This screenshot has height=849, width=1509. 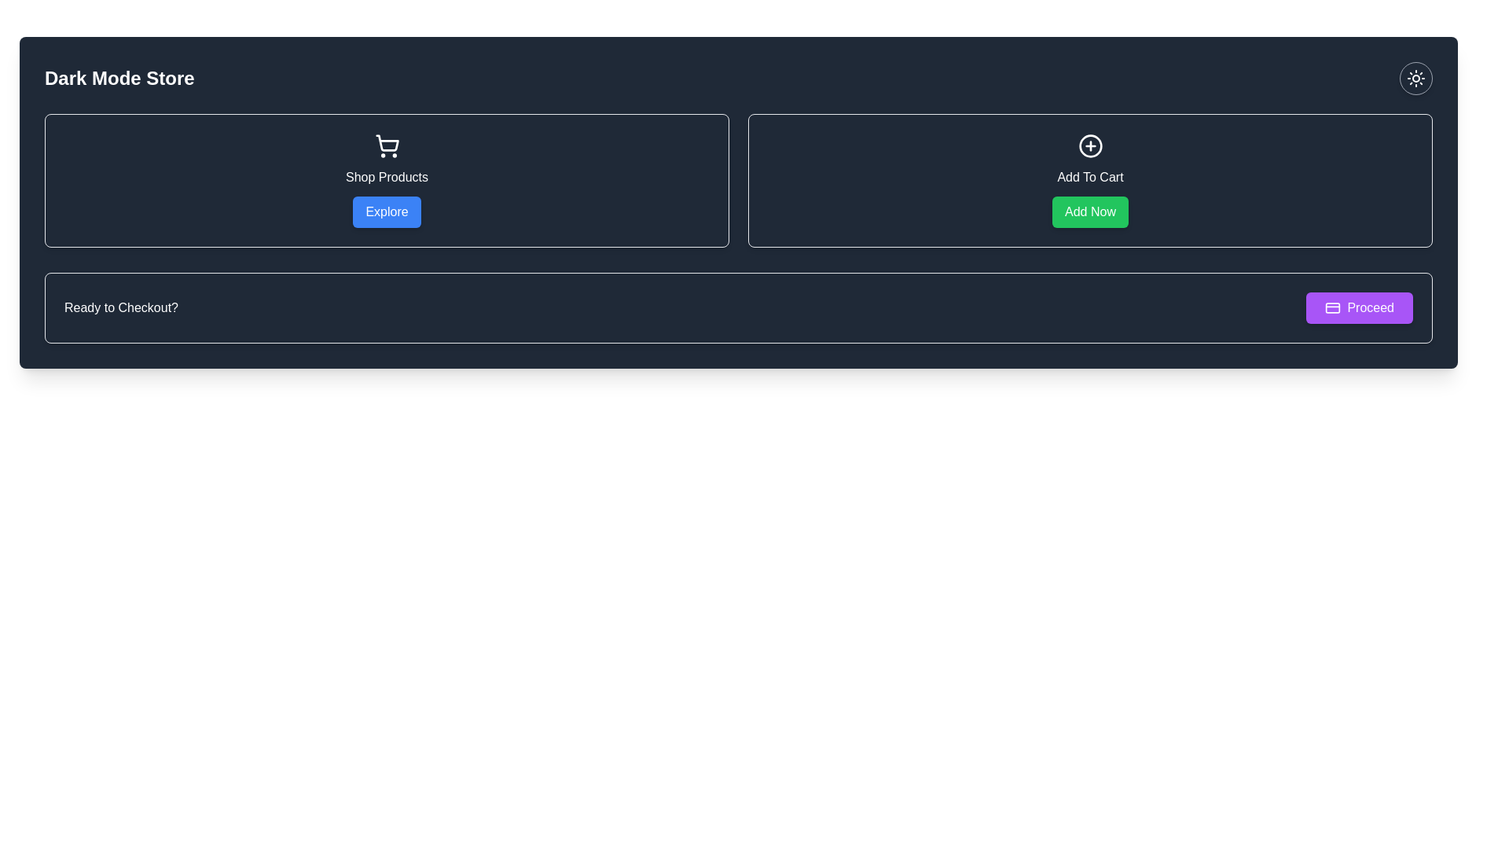 I want to click on the 'Add to Cart' icon located above the 'Add Now' text and to the left of the highlighted button in the bottom right corner, so click(x=1089, y=145).